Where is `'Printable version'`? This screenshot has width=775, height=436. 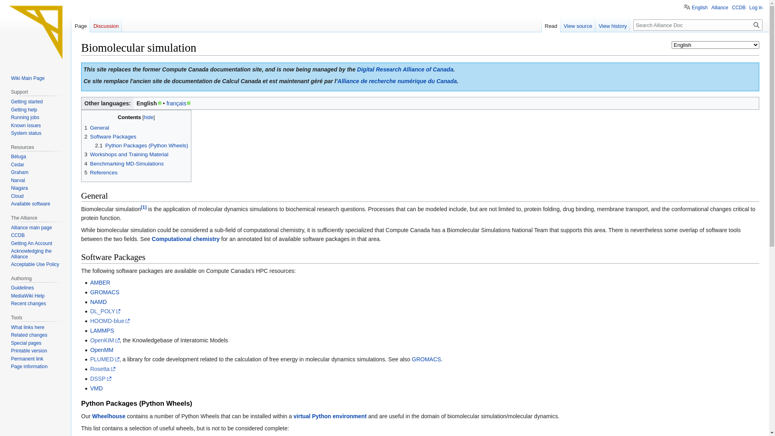 'Printable version' is located at coordinates (29, 350).